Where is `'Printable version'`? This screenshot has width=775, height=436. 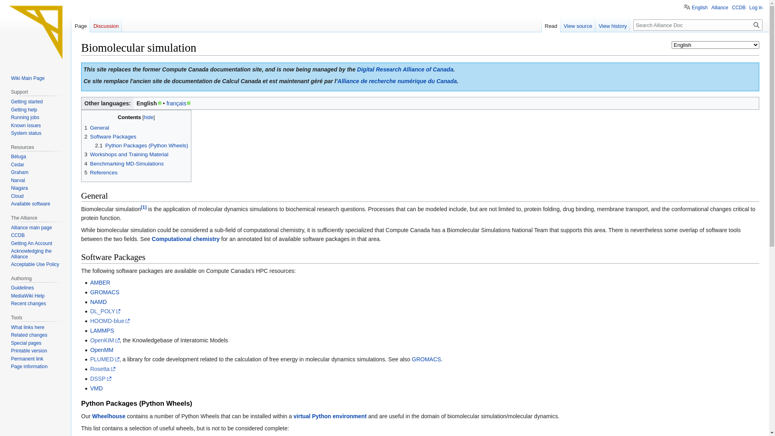 'Printable version' is located at coordinates (29, 350).